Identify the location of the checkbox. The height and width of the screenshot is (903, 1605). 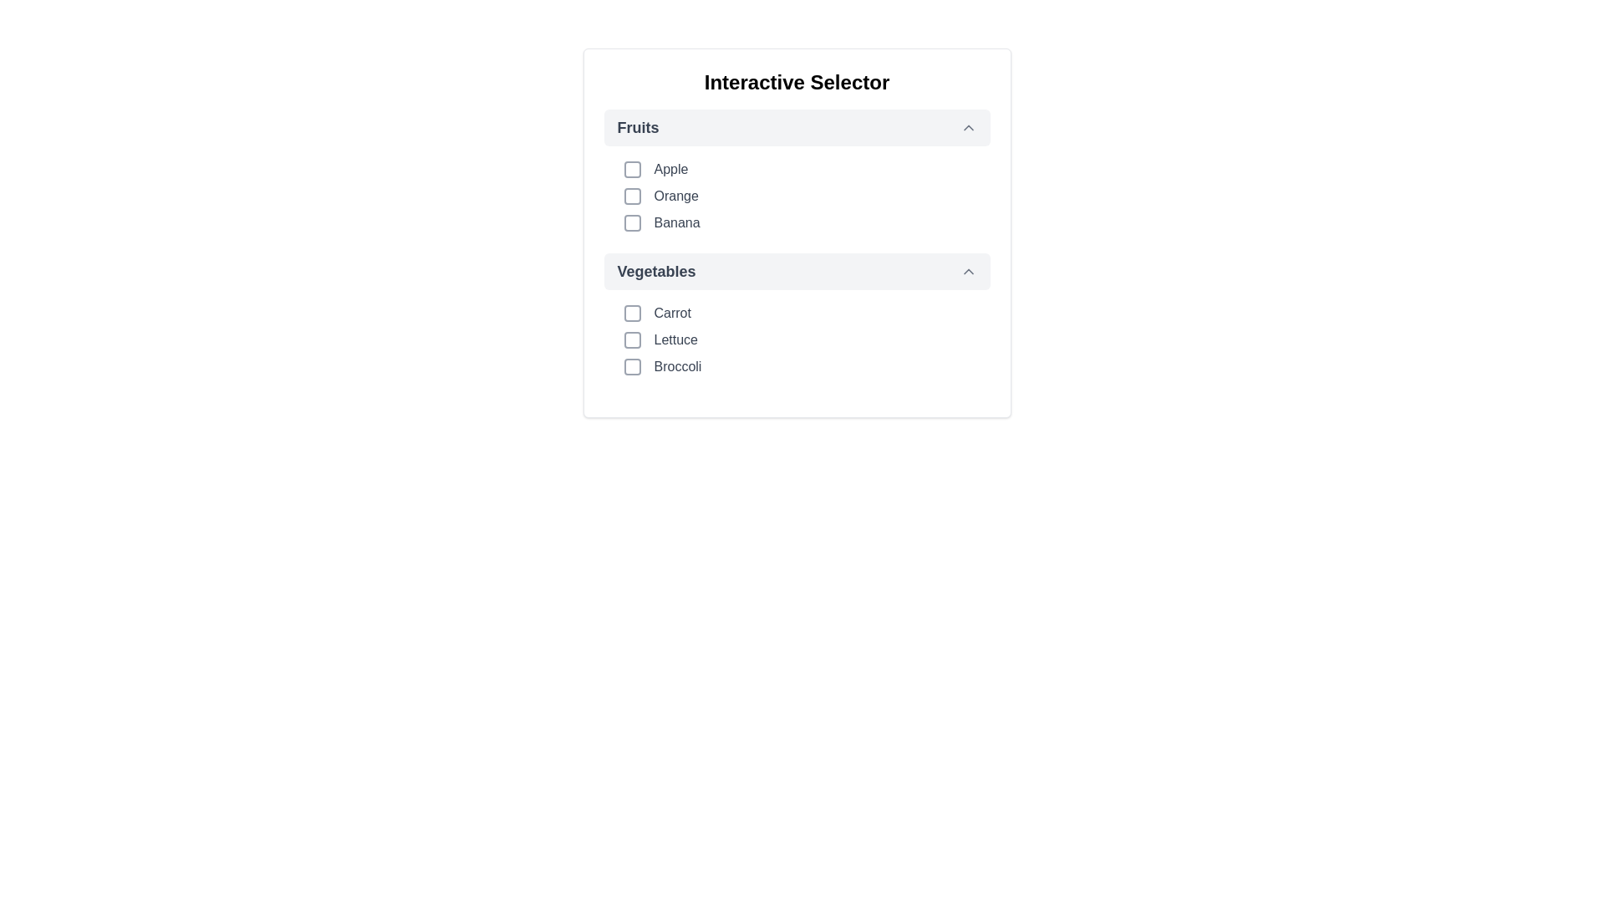
(631, 170).